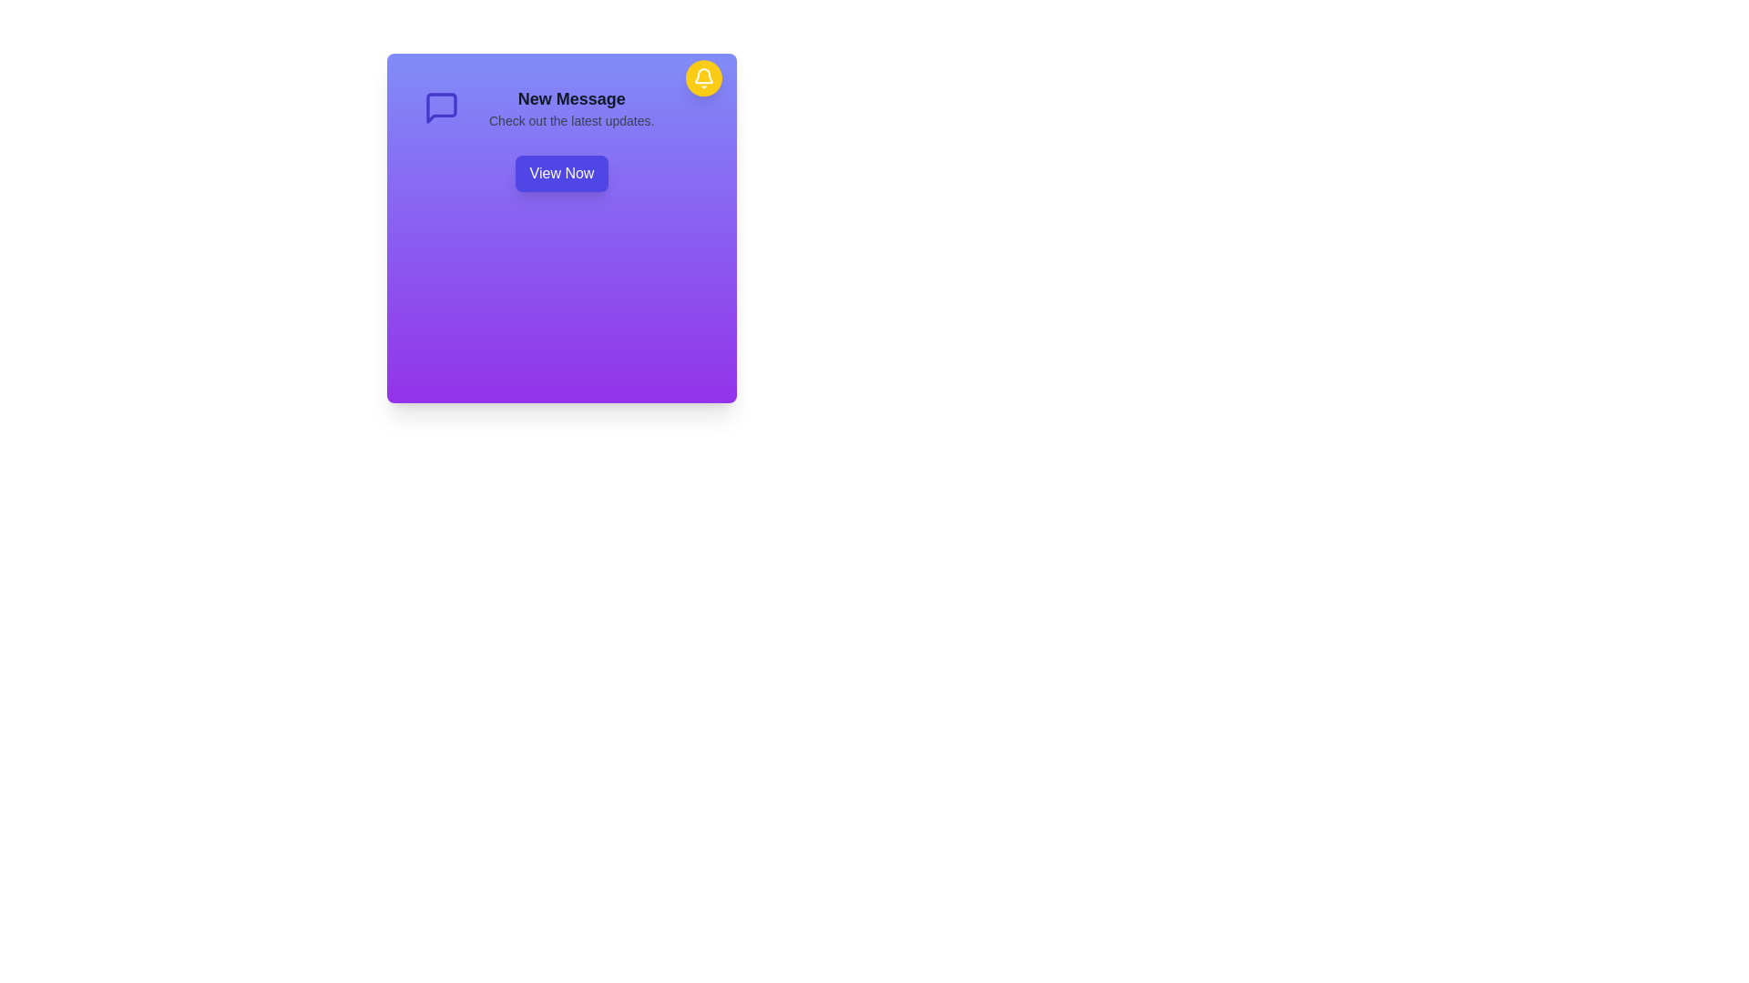 This screenshot has height=983, width=1749. Describe the element at coordinates (702, 80) in the screenshot. I see `the notification icon located in the upper-right corner of the notification card, which is part of an SVG representing an alert symbol` at that location.